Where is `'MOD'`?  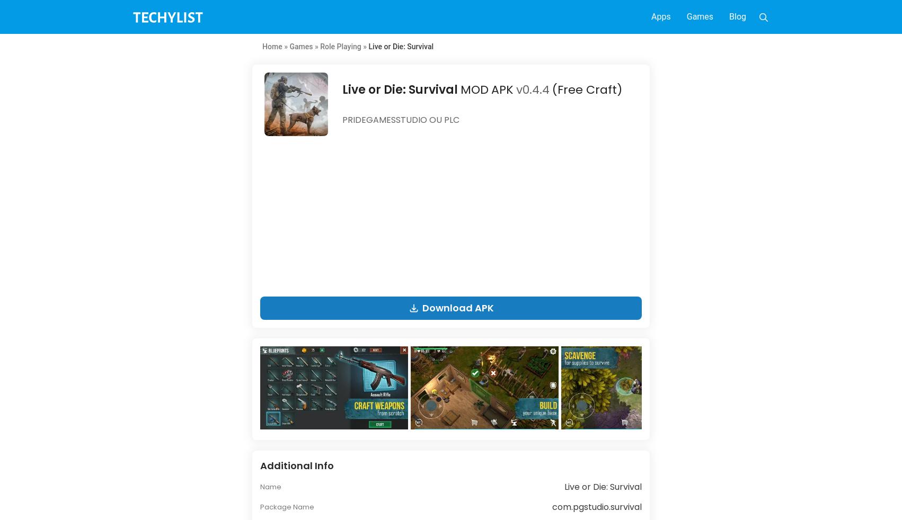
'MOD' is located at coordinates (461, 89).